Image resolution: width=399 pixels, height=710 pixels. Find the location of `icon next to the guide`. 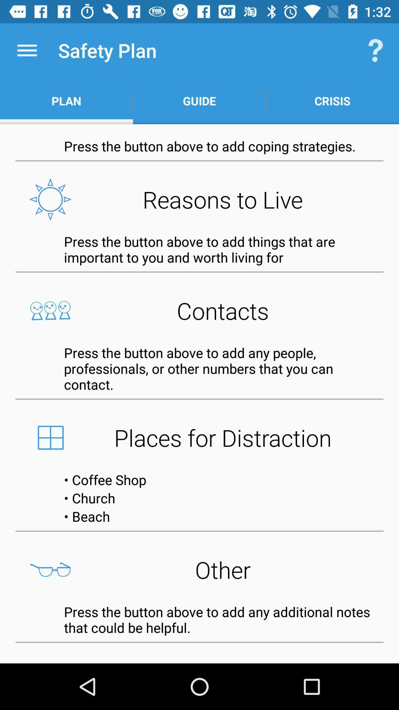

icon next to the guide is located at coordinates (332, 101).